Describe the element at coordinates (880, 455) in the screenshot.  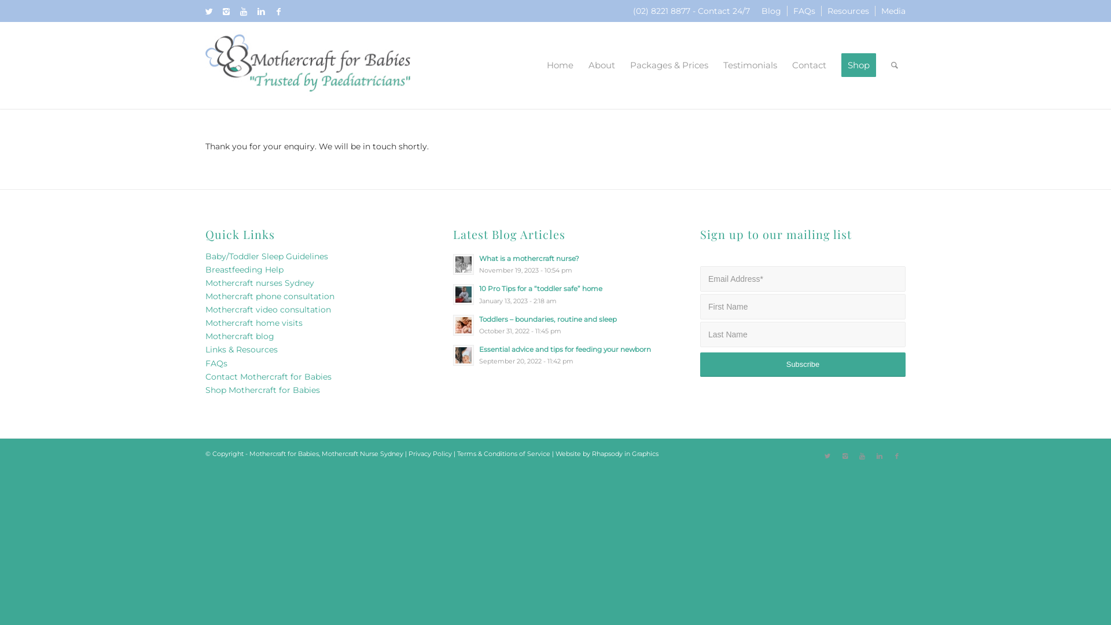
I see `'Linkedin'` at that location.